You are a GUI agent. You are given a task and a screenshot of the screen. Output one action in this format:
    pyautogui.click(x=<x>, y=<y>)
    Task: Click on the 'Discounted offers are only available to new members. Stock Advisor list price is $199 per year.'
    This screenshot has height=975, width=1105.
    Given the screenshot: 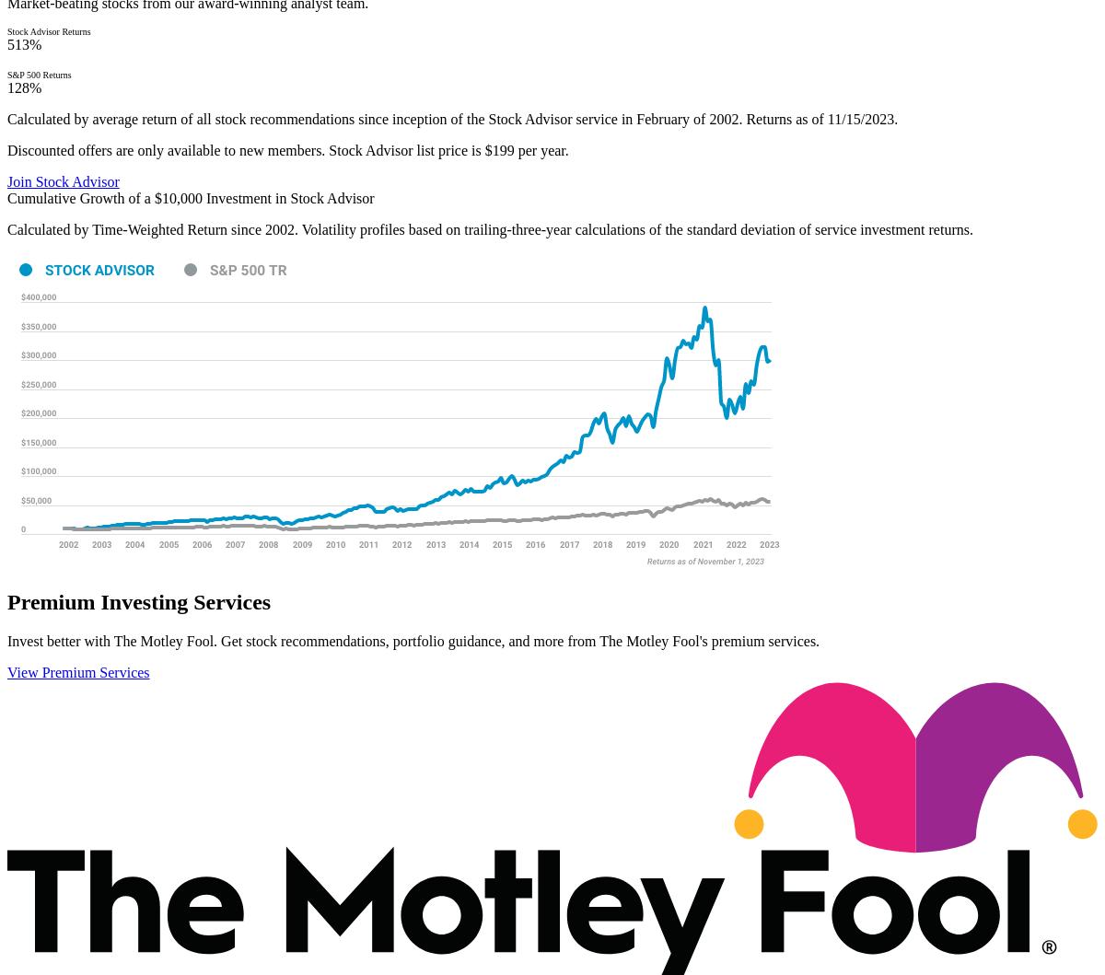 What is the action you would take?
    pyautogui.click(x=7, y=149)
    